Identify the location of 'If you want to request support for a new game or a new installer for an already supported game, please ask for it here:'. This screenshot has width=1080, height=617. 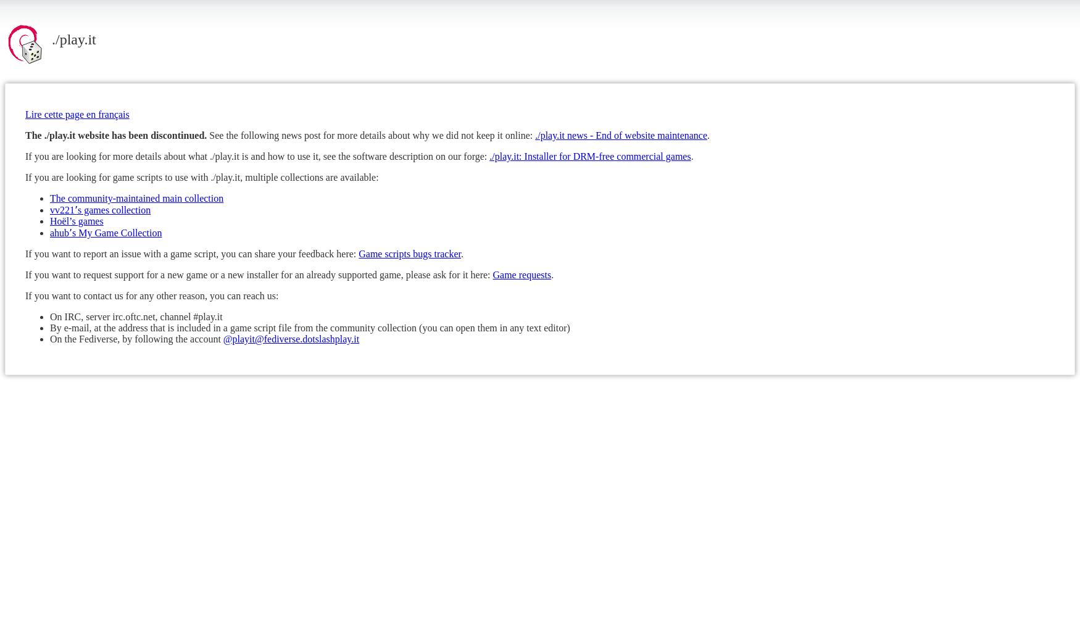
(258, 273).